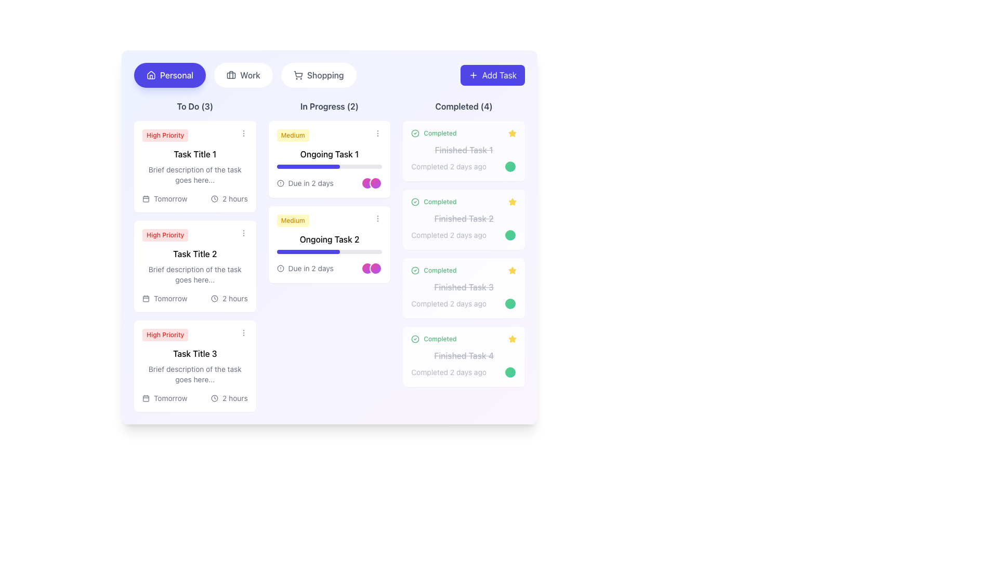 Image resolution: width=998 pixels, height=561 pixels. Describe the element at coordinates (463, 151) in the screenshot. I see `the 'Completed' card element which has a white background, rounded corners, and displays a green checkmark and a yellow star, located at the top of the 'Completed (4)' column` at that location.